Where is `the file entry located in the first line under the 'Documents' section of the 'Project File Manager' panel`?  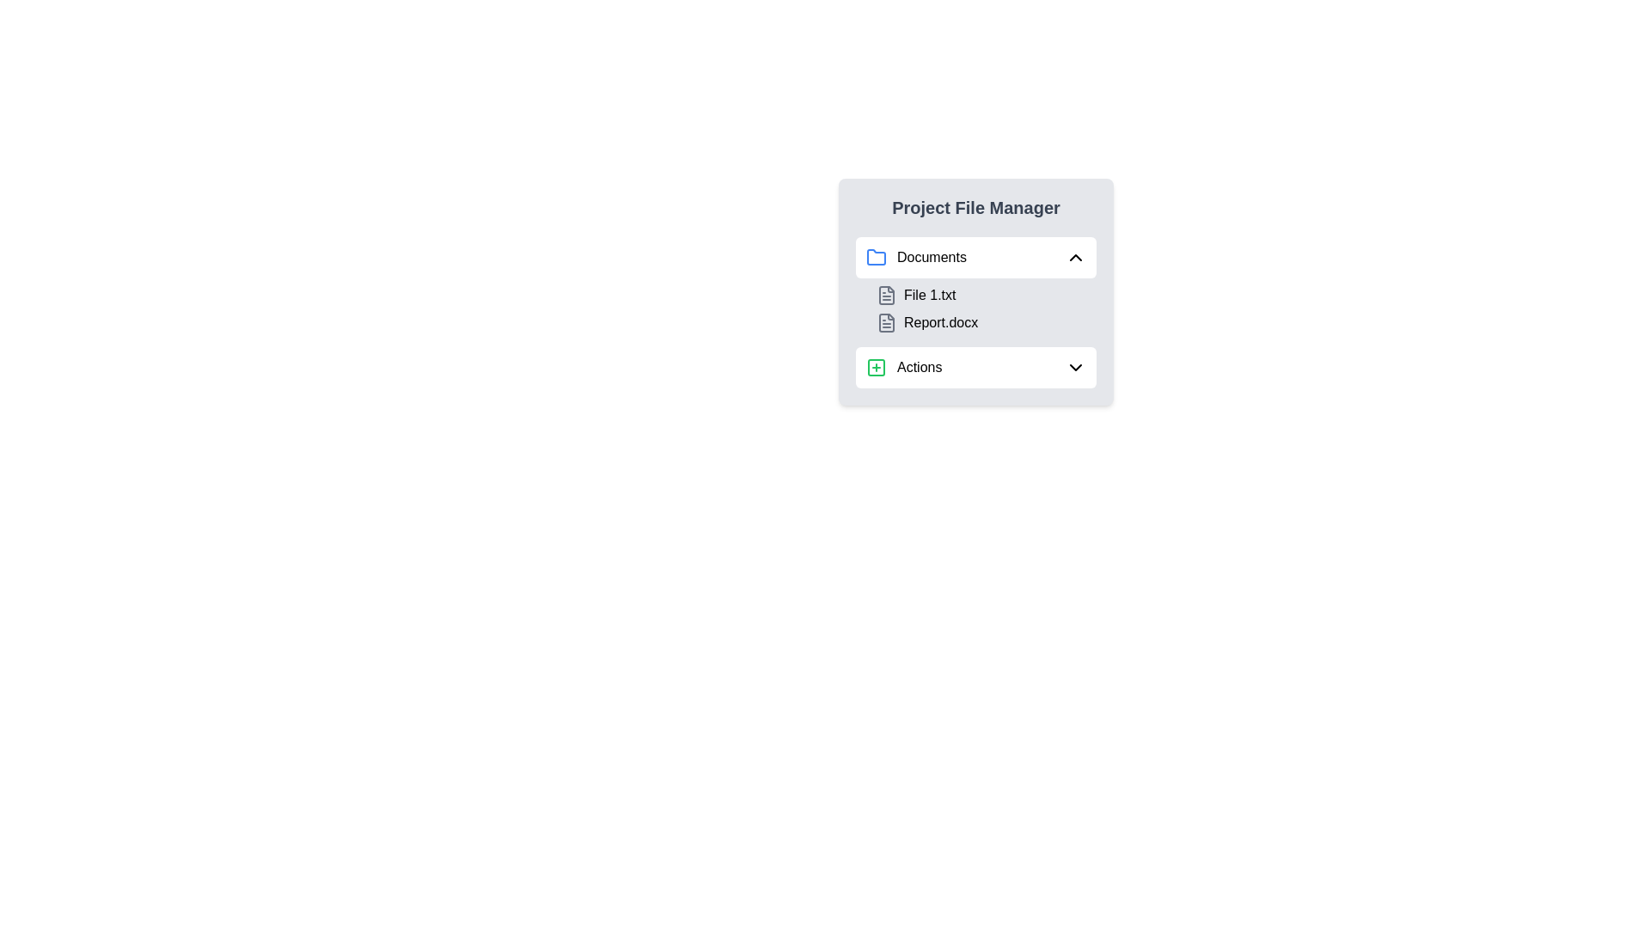
the file entry located in the first line under the 'Documents' section of the 'Project File Manager' panel is located at coordinates (986, 294).